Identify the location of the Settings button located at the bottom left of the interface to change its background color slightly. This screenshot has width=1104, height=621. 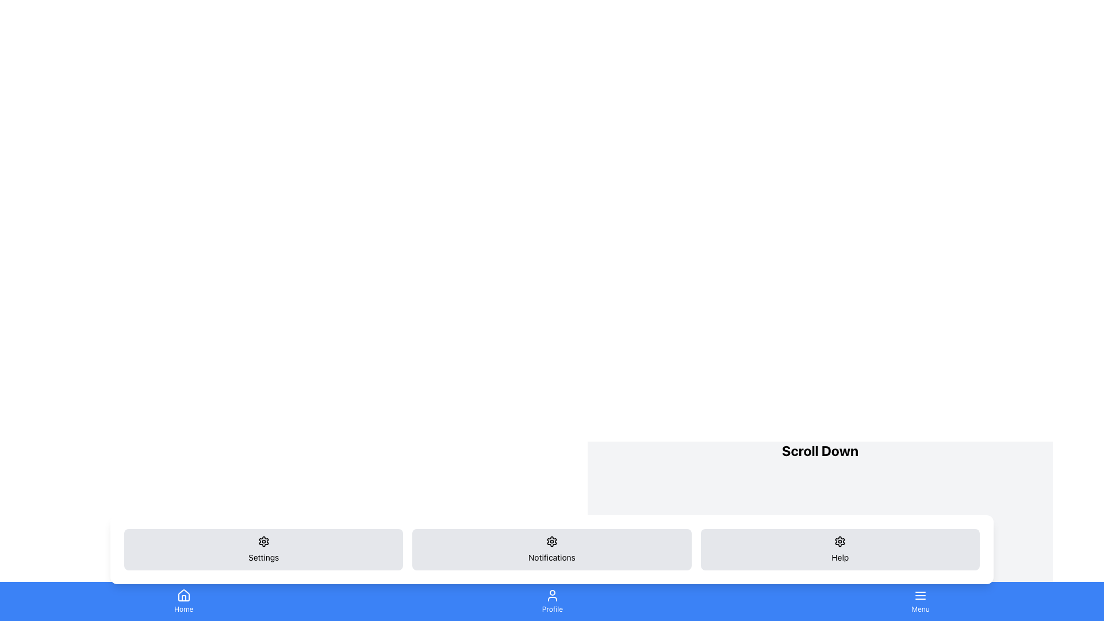
(263, 549).